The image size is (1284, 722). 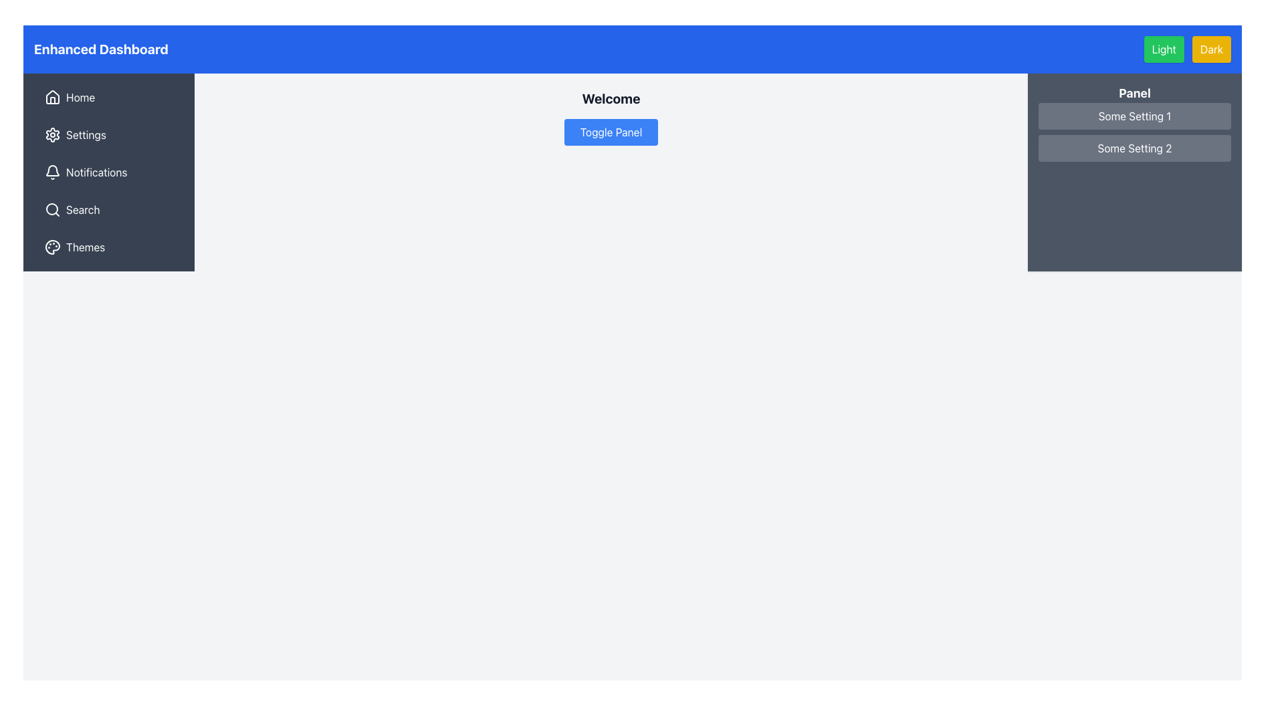 What do you see at coordinates (1187, 48) in the screenshot?
I see `the 'Dark' button in the button group located in the top-right corner of the interface, adjacent to the title 'Enhanced Dashboard'` at bounding box center [1187, 48].